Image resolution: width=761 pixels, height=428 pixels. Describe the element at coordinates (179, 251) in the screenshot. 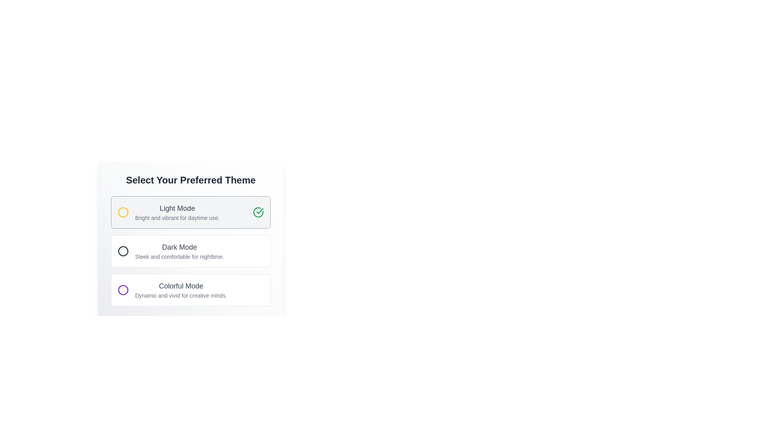

I see `descriptive label for the 'Dark Mode' theme option, which is the second option in the list of selectable themes, located horizontally aligned with a radio button to its left` at that location.